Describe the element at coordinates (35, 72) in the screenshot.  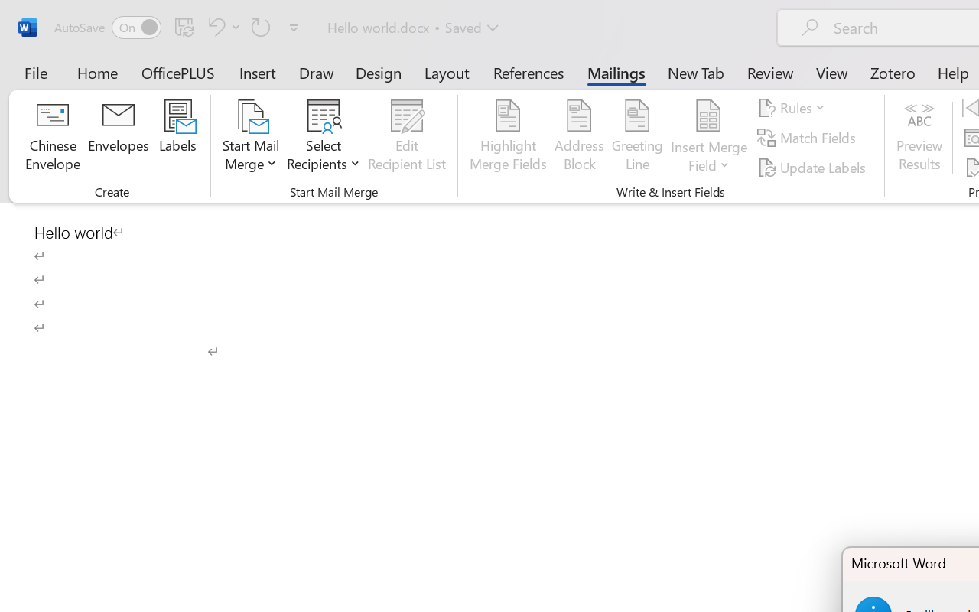
I see `'File Tab'` at that location.